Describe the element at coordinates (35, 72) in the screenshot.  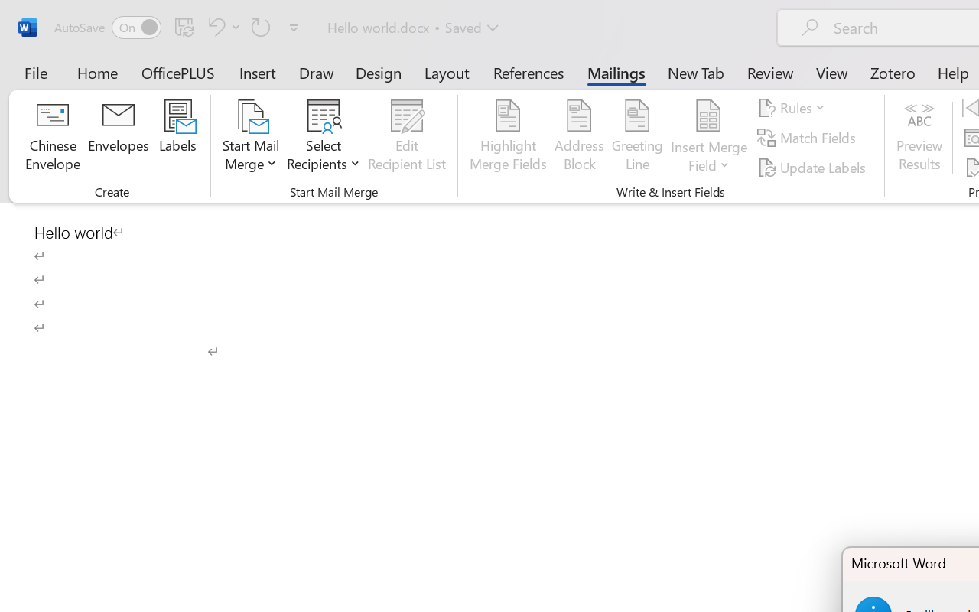
I see `'File Tab'` at that location.